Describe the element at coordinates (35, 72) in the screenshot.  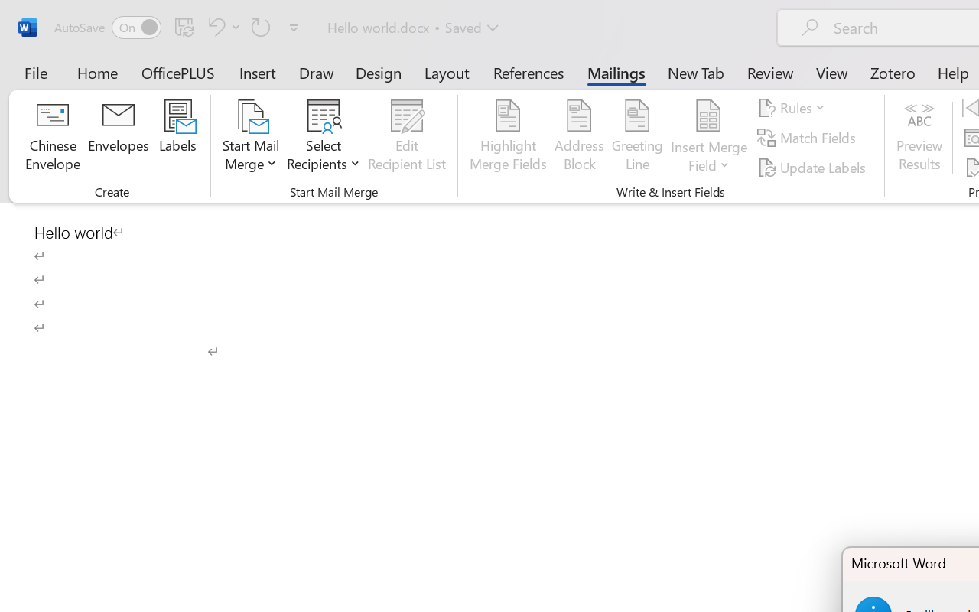
I see `'File Tab'` at that location.